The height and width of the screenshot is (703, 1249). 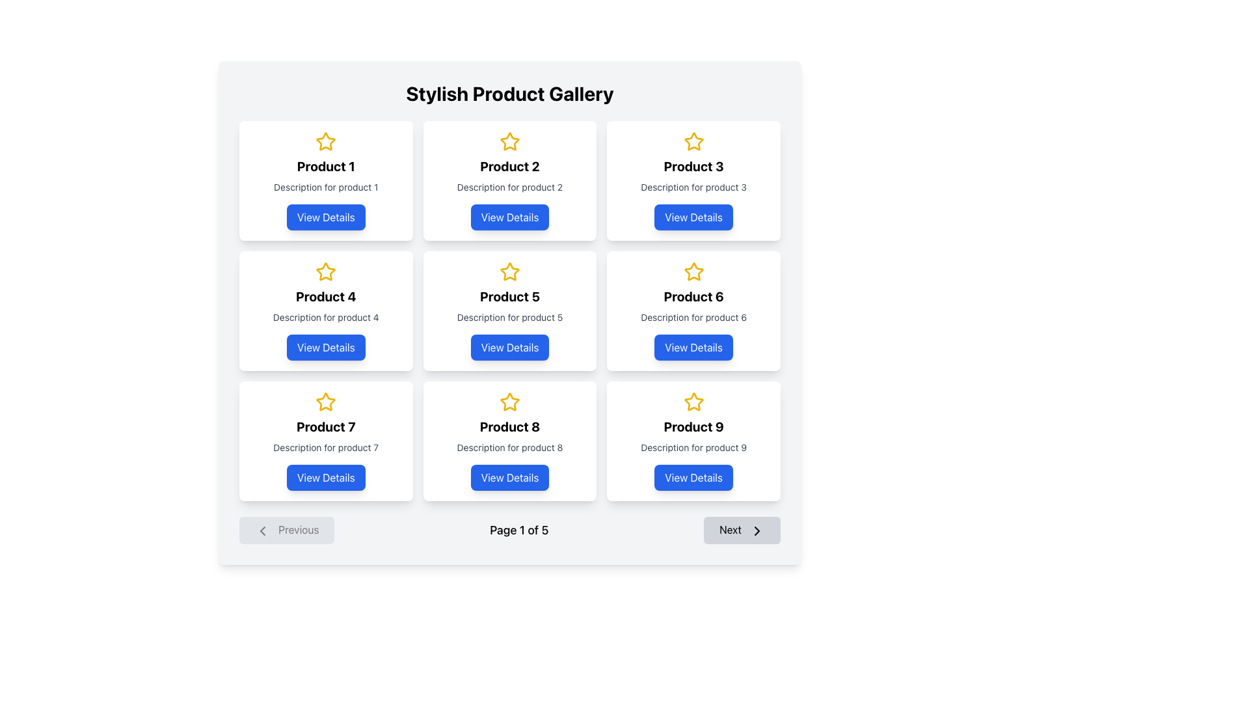 What do you see at coordinates (326, 447) in the screenshot?
I see `the text element containing the phrase 'Description for product 7', which is styled in a smaller gray font and located under the title 'Product 7' within the white background card` at bounding box center [326, 447].